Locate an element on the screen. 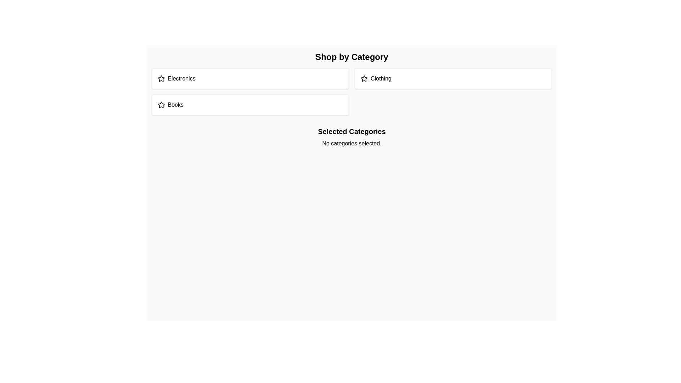 Image resolution: width=681 pixels, height=383 pixels. the static text display that serves as a header for selected categories, located centrally below the items labeled 'Books', 'Electronics', and 'Clothing' is located at coordinates (352, 137).